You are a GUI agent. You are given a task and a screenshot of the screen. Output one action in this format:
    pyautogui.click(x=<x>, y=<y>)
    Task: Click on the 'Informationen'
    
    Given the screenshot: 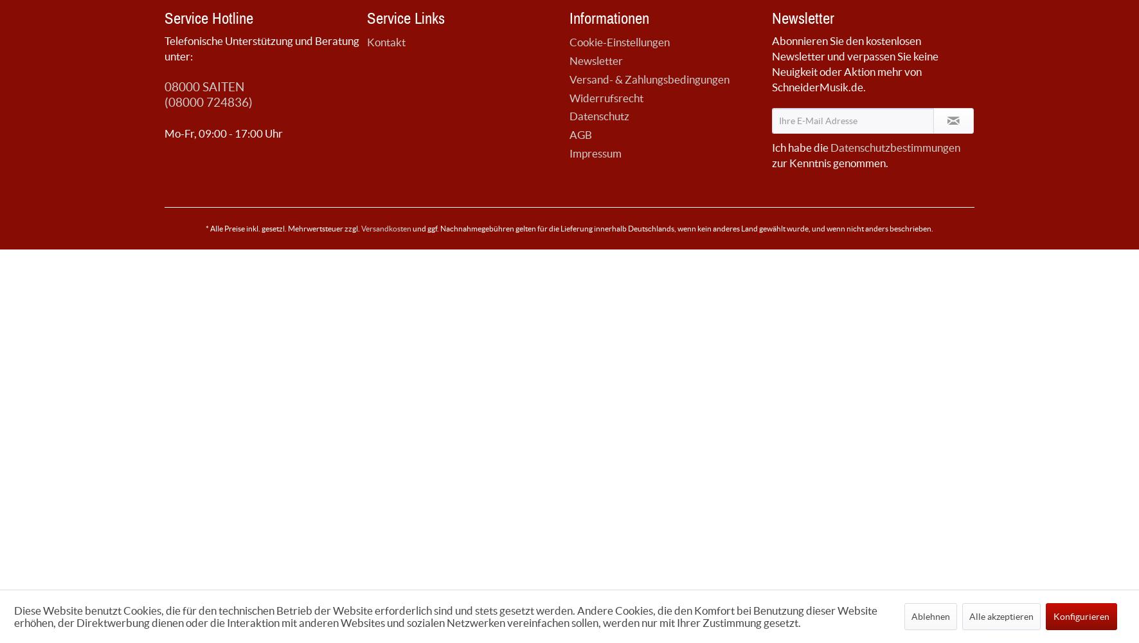 What is the action you would take?
    pyautogui.click(x=609, y=17)
    